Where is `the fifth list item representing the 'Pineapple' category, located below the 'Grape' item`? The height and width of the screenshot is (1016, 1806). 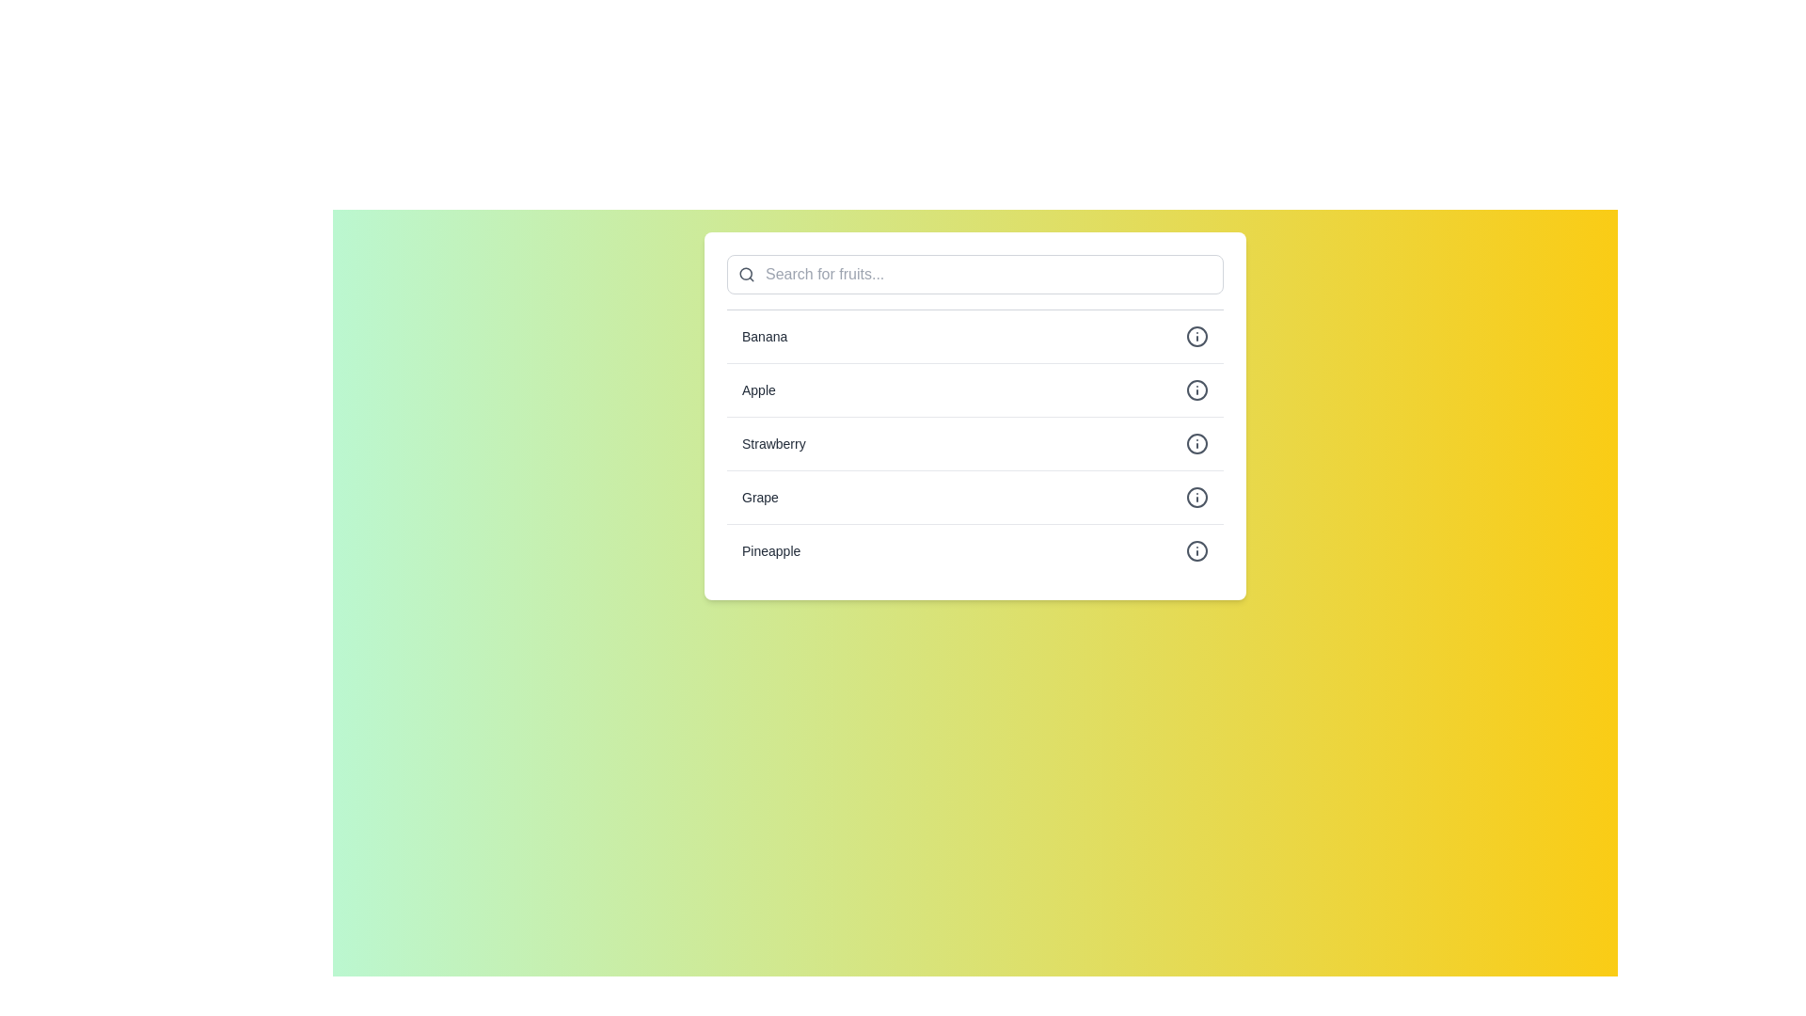
the fifth list item representing the 'Pineapple' category, located below the 'Grape' item is located at coordinates (974, 550).